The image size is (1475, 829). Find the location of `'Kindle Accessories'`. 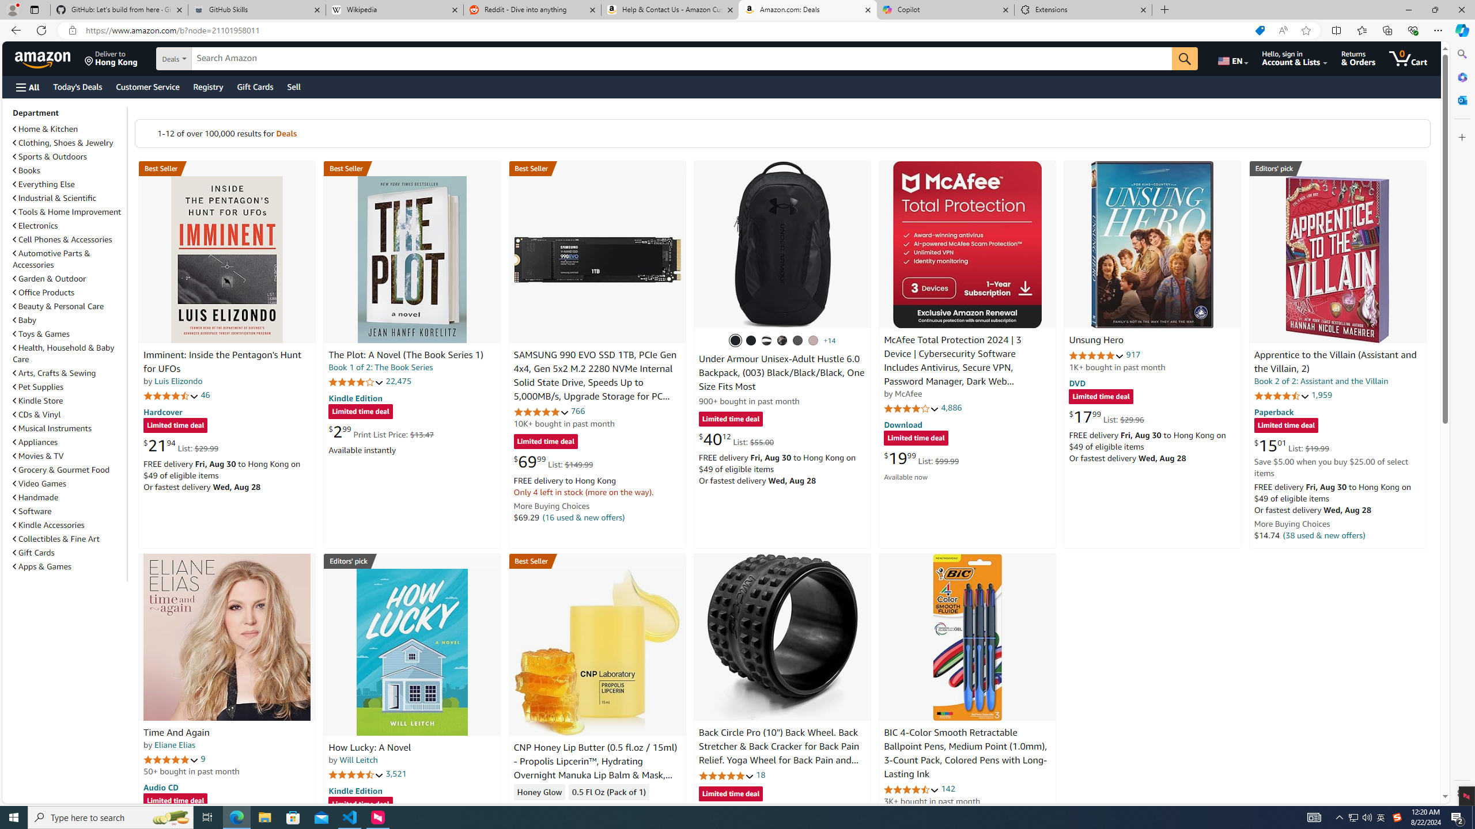

'Kindle Accessories' is located at coordinates (68, 524).